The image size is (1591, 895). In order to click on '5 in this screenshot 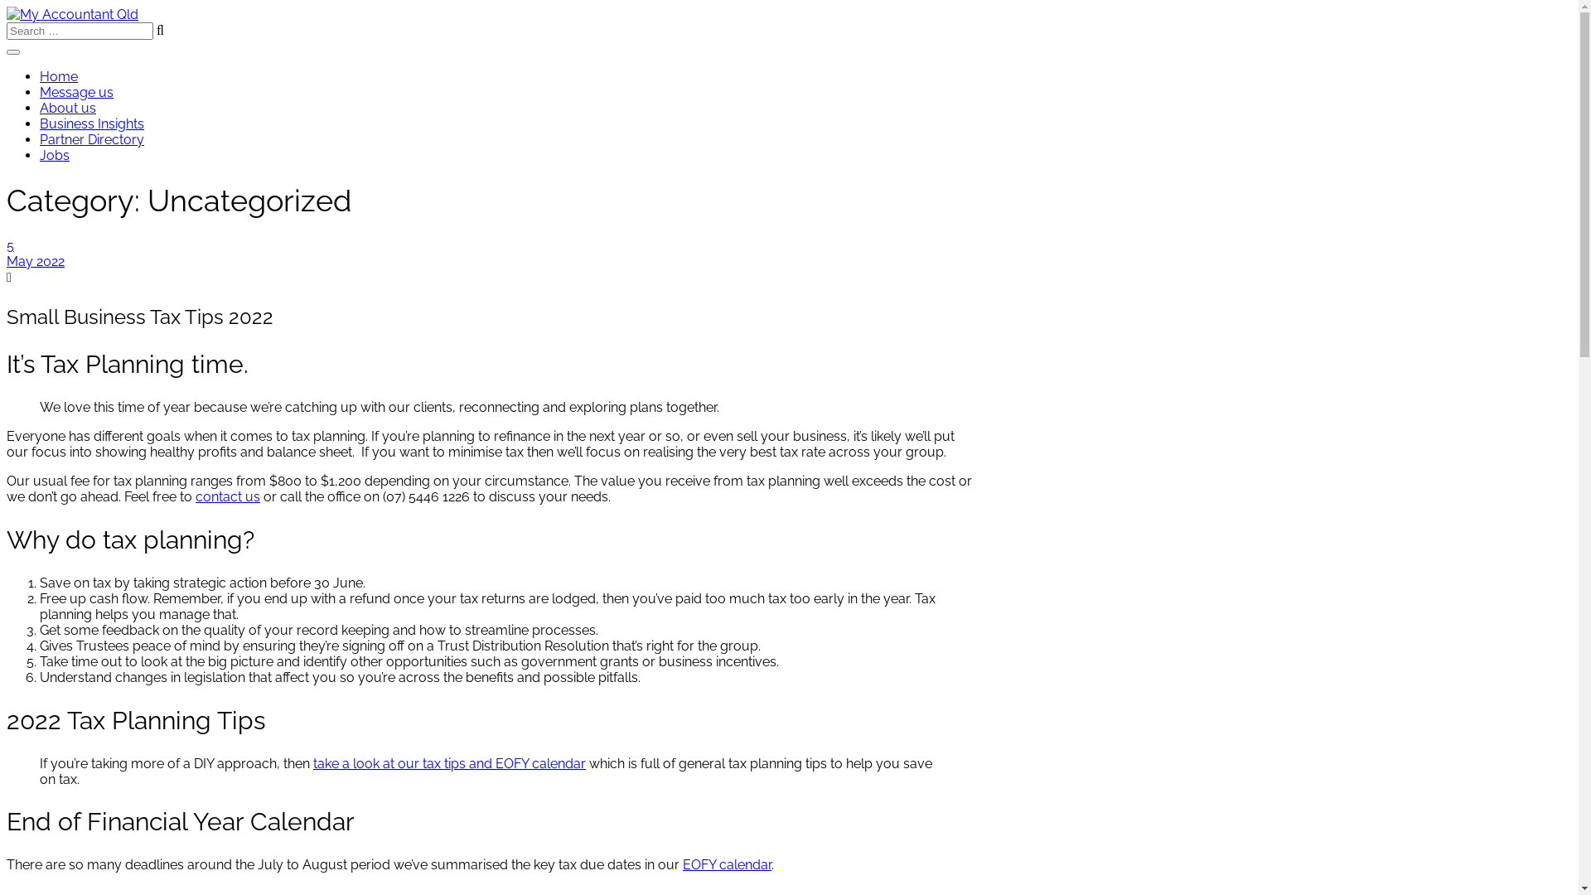, I will do `click(491, 253)`.